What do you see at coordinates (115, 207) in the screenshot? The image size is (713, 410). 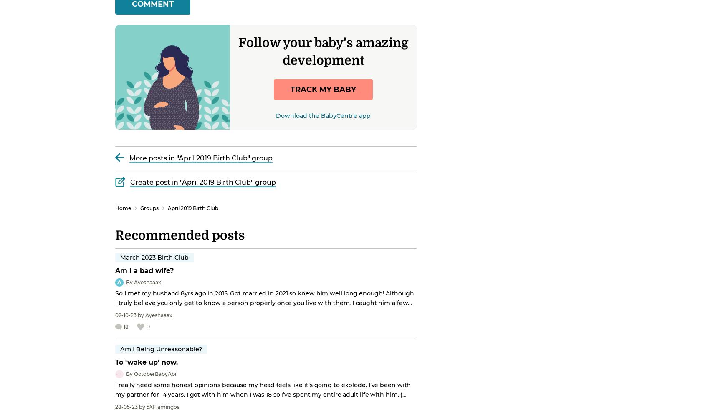 I see `'Home'` at bounding box center [115, 207].